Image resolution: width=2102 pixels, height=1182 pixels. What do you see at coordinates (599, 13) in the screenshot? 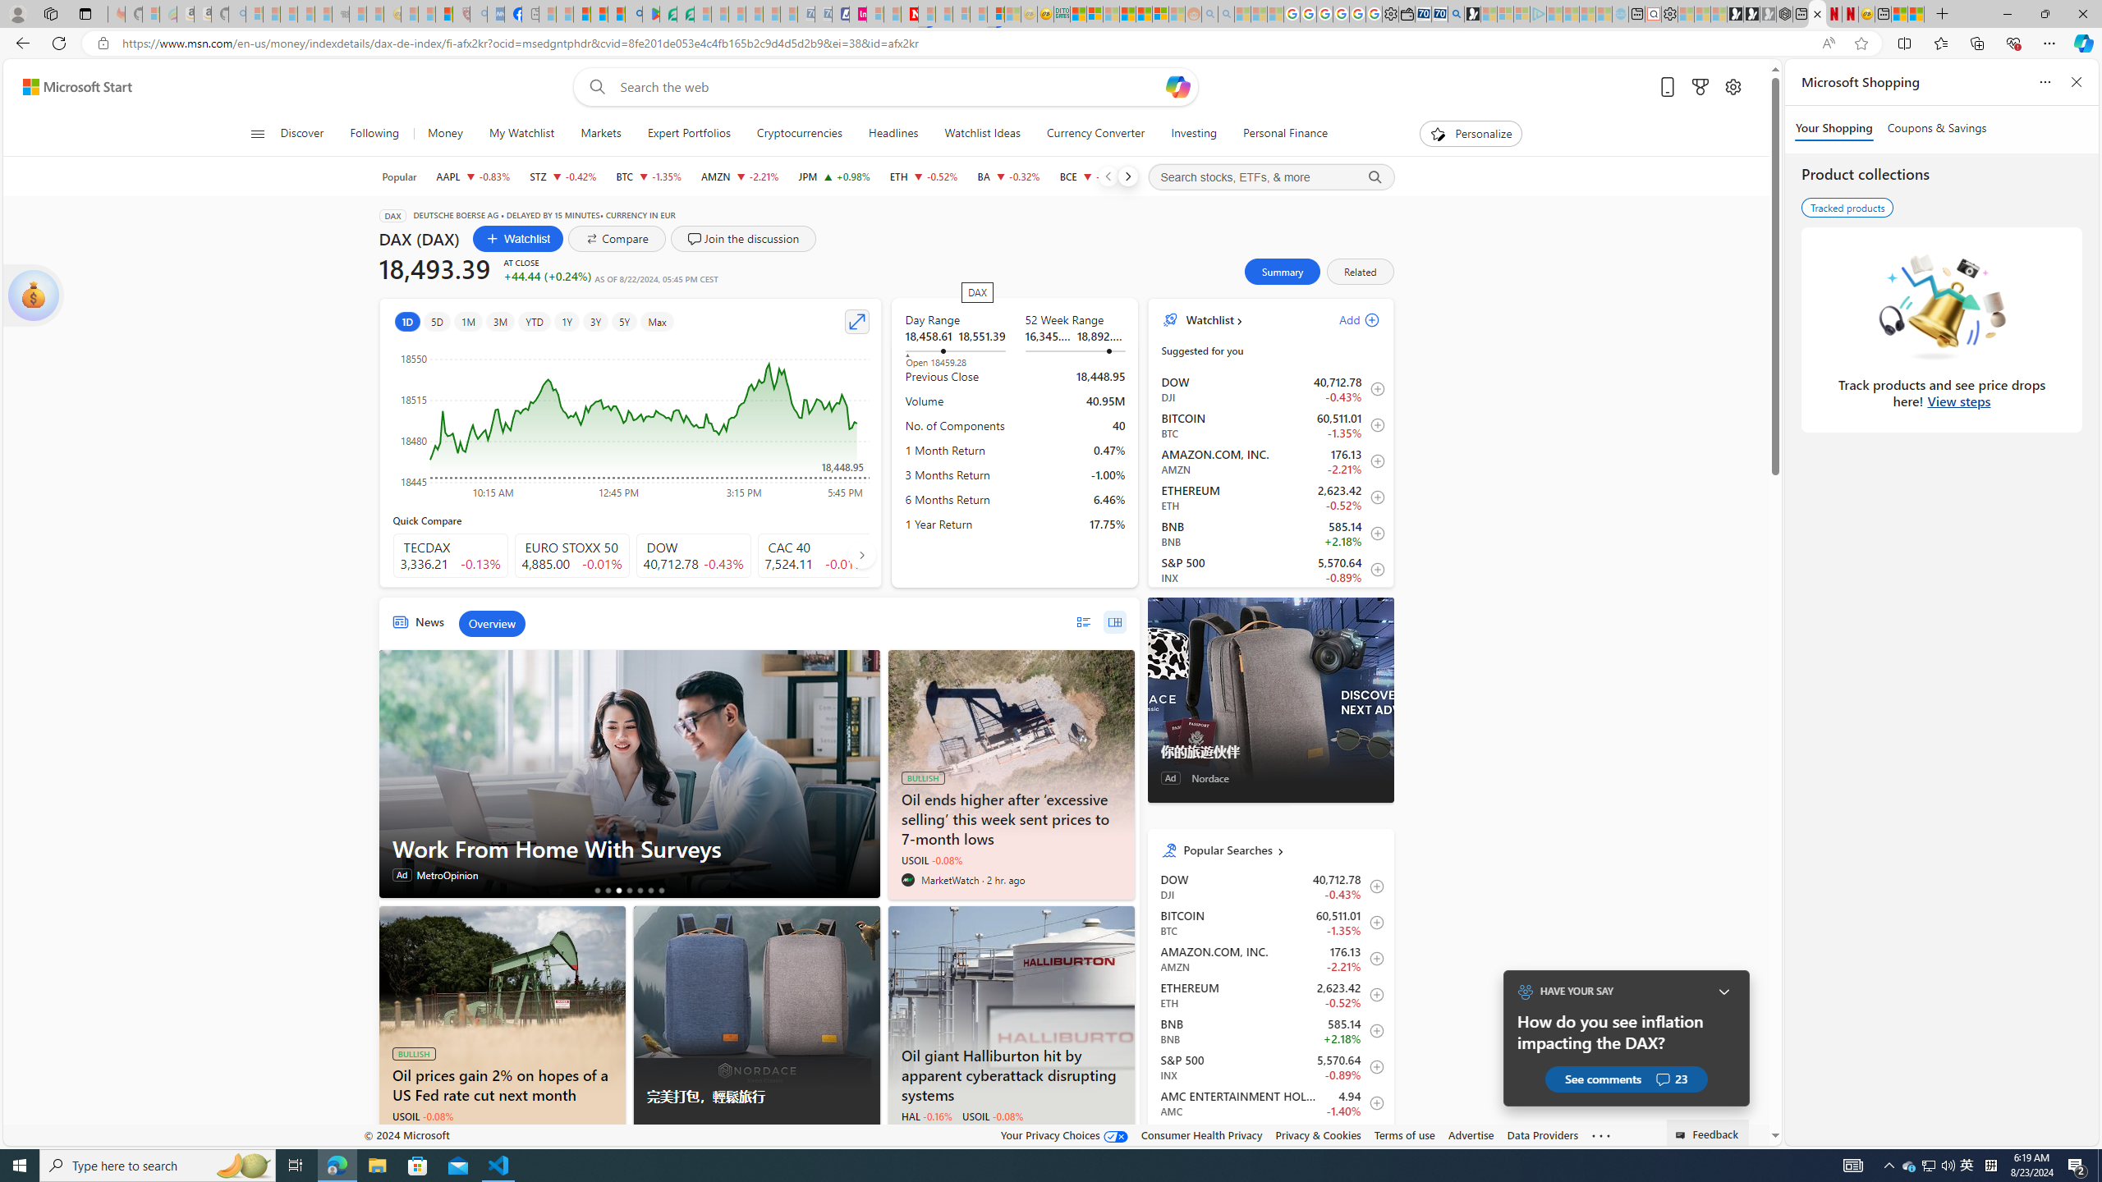
I see `'Pets - MSN'` at bounding box center [599, 13].